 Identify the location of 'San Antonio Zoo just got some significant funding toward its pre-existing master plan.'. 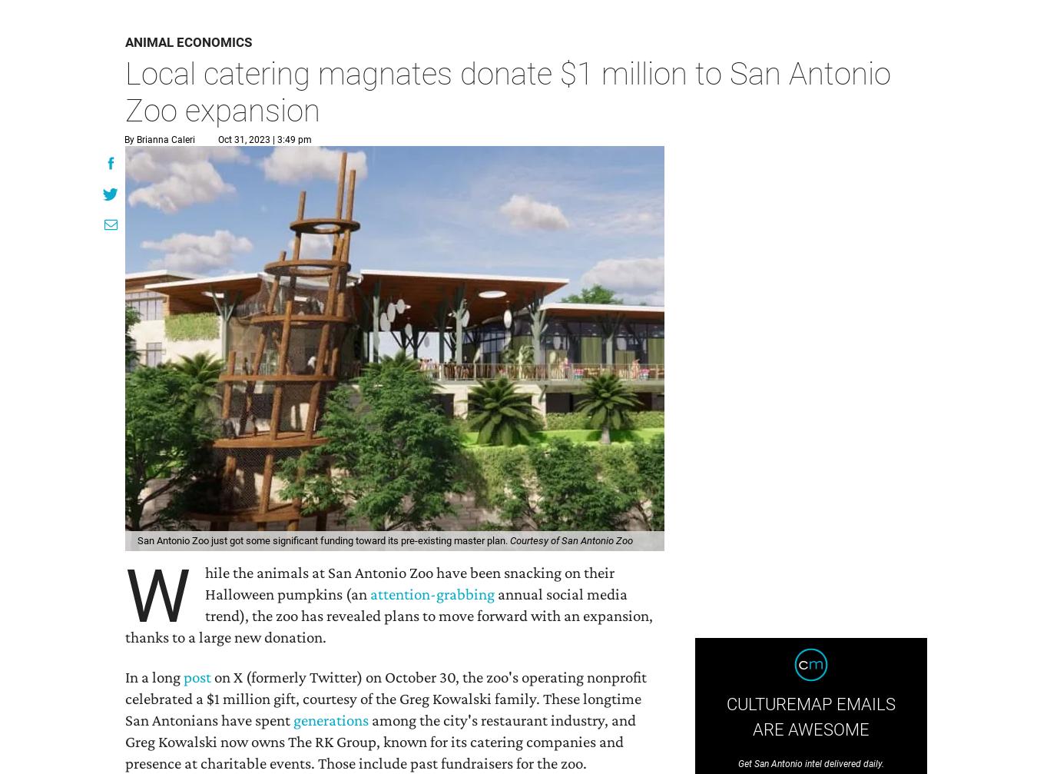
(323, 540).